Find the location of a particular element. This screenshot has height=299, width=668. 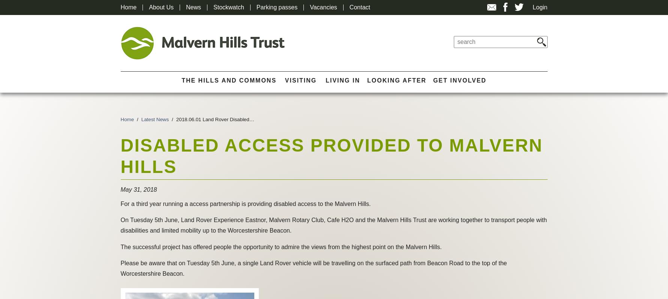

'Home' is located at coordinates (120, 7).